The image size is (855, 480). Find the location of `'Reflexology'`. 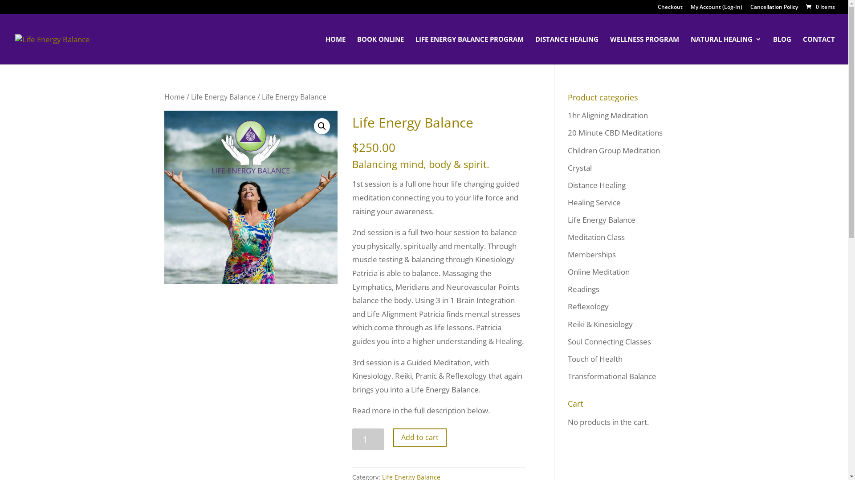

'Reflexology' is located at coordinates (588, 306).